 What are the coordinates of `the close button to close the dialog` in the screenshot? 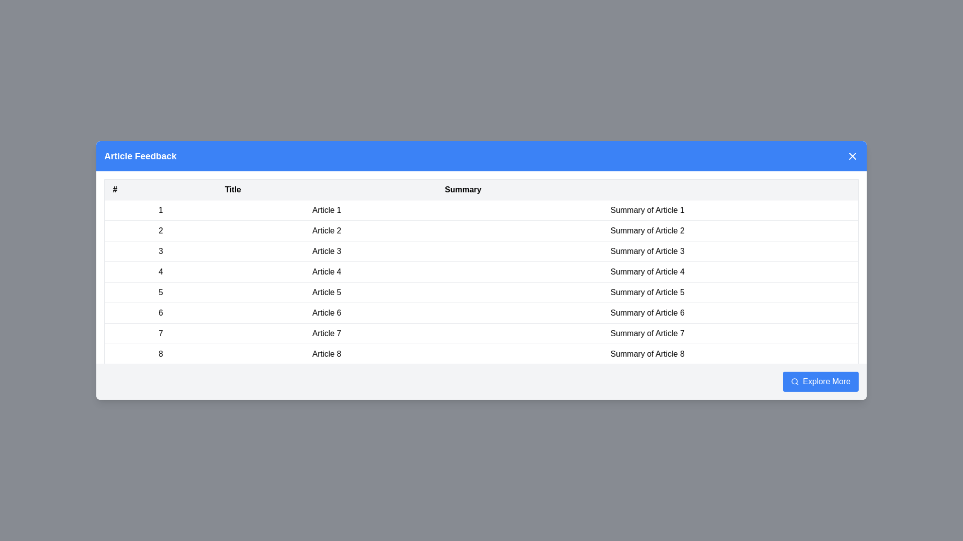 It's located at (852, 156).